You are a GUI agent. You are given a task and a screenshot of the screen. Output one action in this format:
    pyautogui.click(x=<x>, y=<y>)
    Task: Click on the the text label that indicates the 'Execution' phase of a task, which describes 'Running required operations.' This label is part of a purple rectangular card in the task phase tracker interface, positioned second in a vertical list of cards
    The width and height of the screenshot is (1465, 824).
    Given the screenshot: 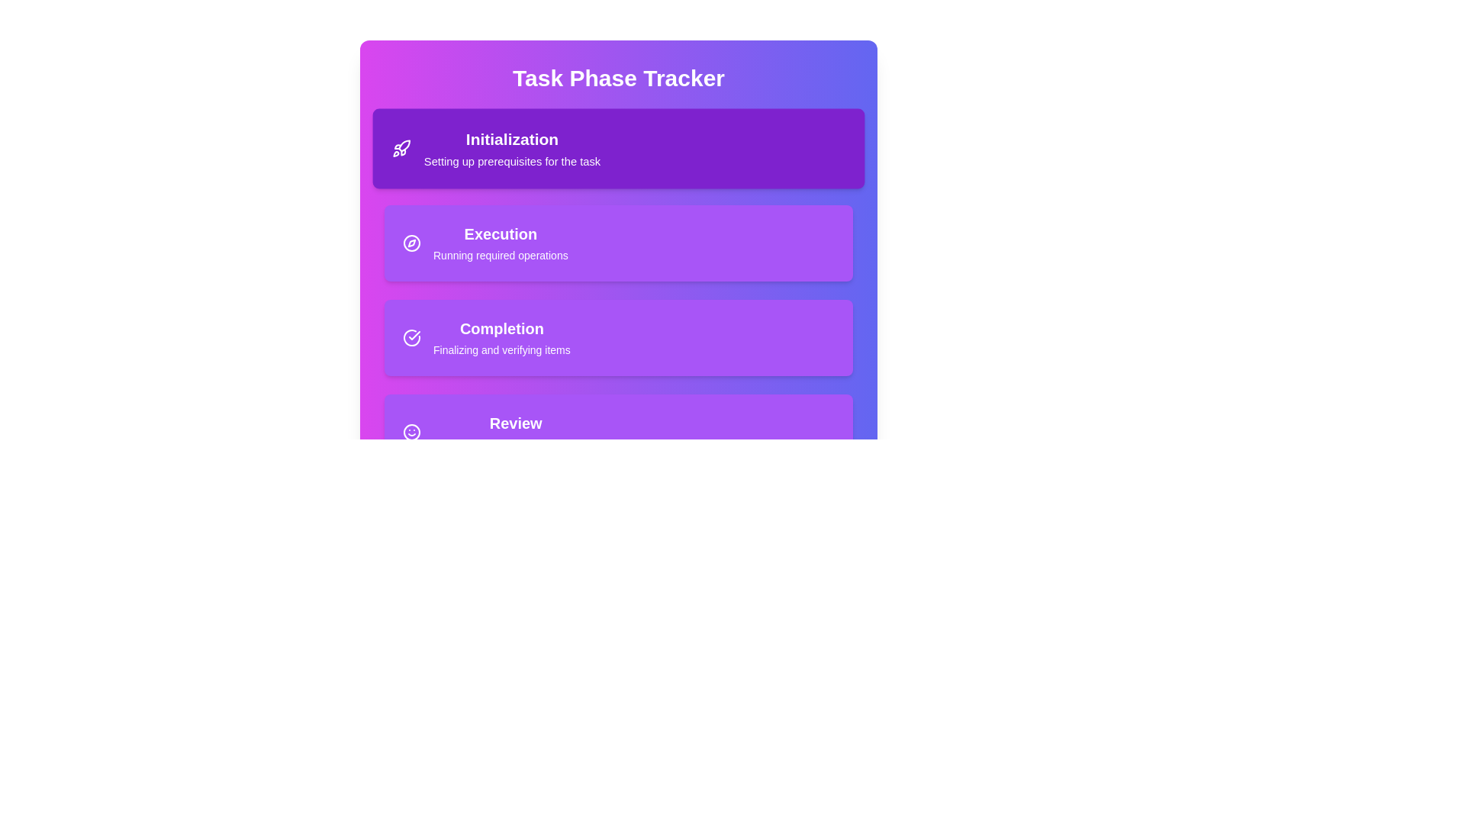 What is the action you would take?
    pyautogui.click(x=501, y=243)
    